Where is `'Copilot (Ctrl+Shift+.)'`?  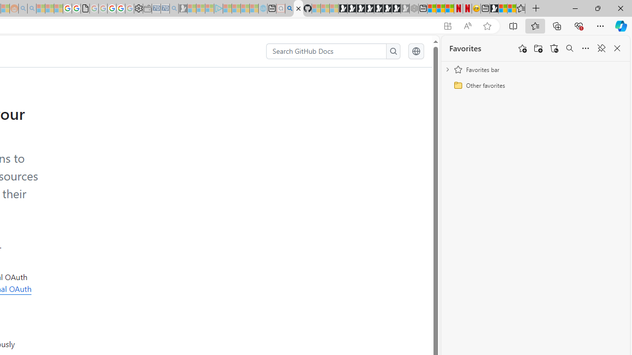
'Copilot (Ctrl+Shift+.)' is located at coordinates (621, 25).